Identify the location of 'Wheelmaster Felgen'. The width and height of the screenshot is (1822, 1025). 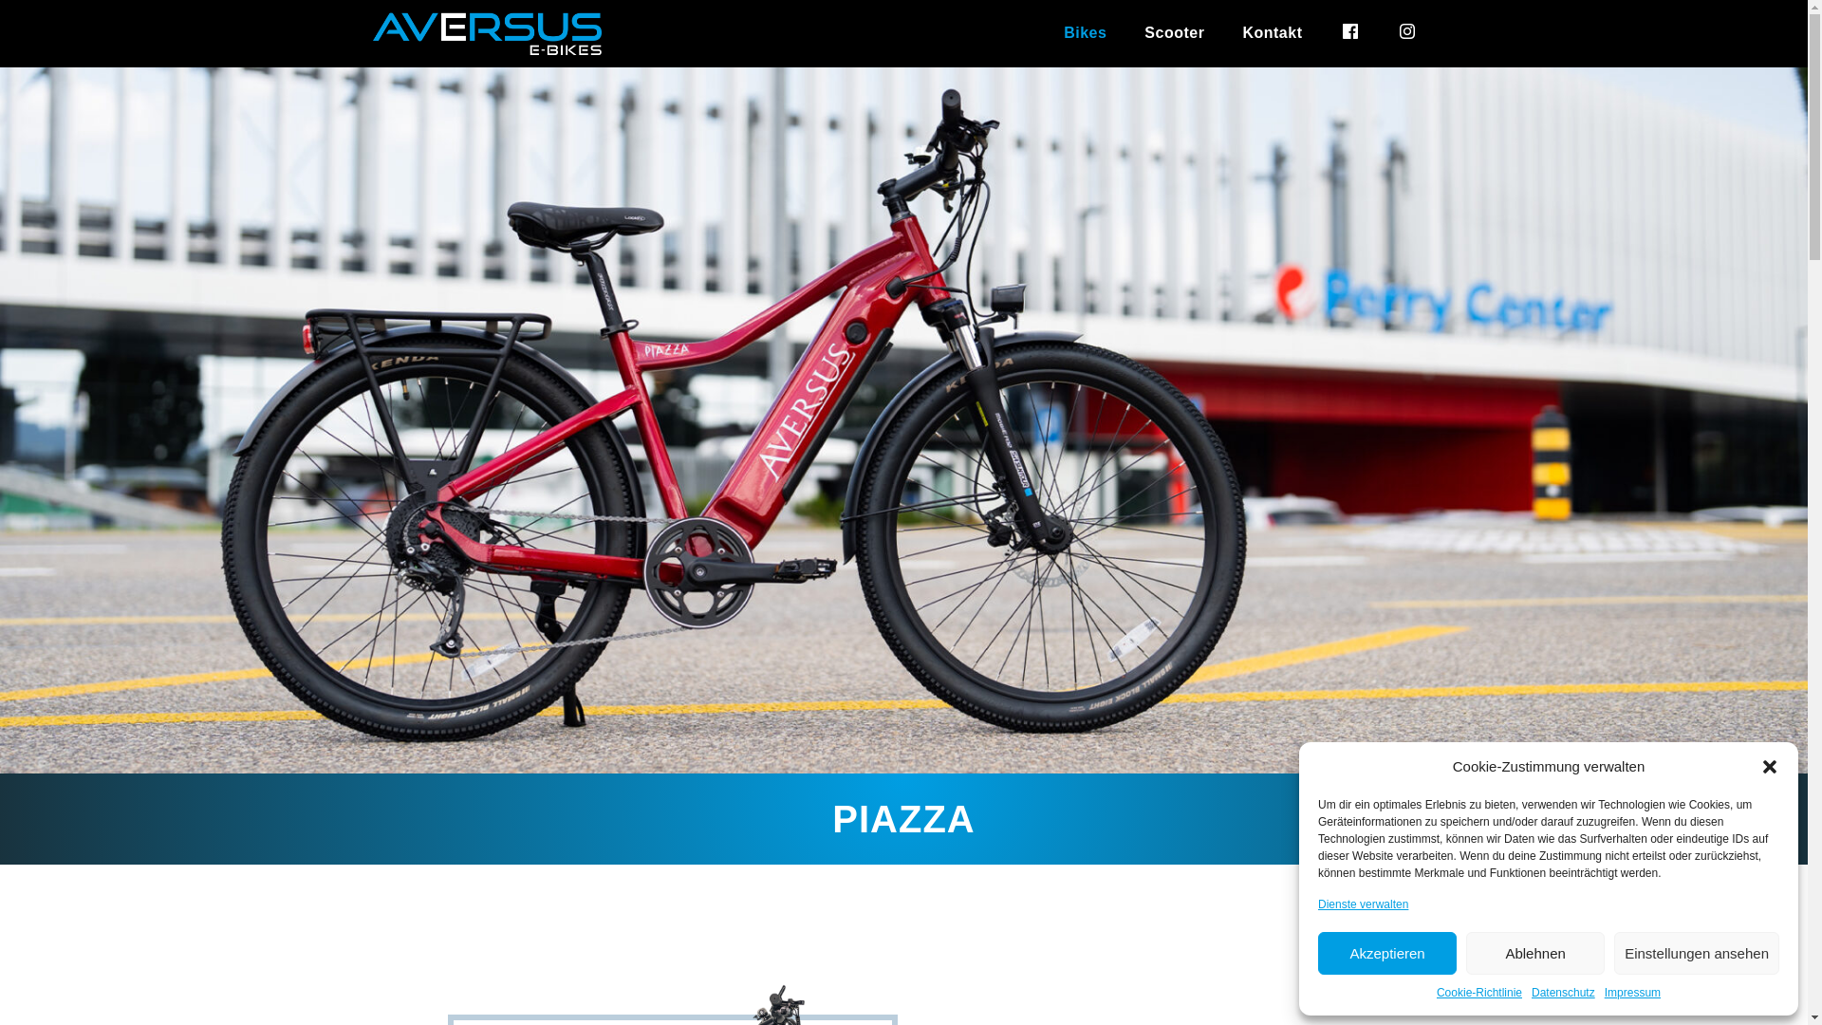
(486, 33).